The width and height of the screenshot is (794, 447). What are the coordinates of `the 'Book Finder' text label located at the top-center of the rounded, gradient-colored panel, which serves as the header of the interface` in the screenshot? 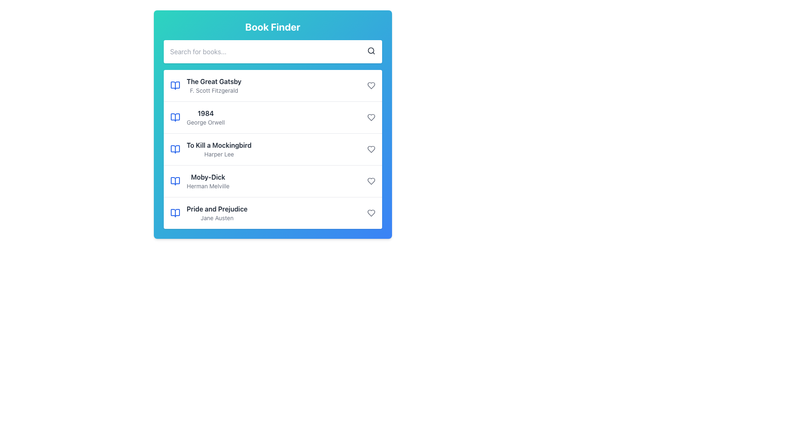 It's located at (273, 26).